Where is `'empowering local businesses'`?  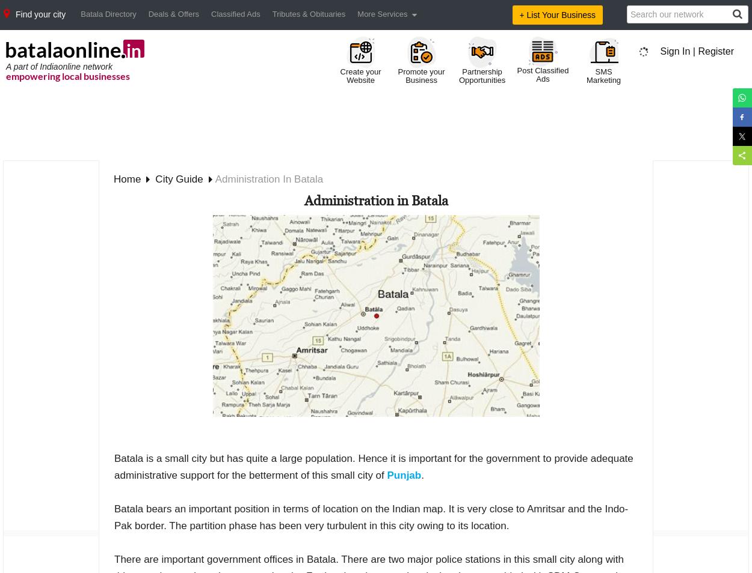
'empowering local businesses' is located at coordinates (6, 74).